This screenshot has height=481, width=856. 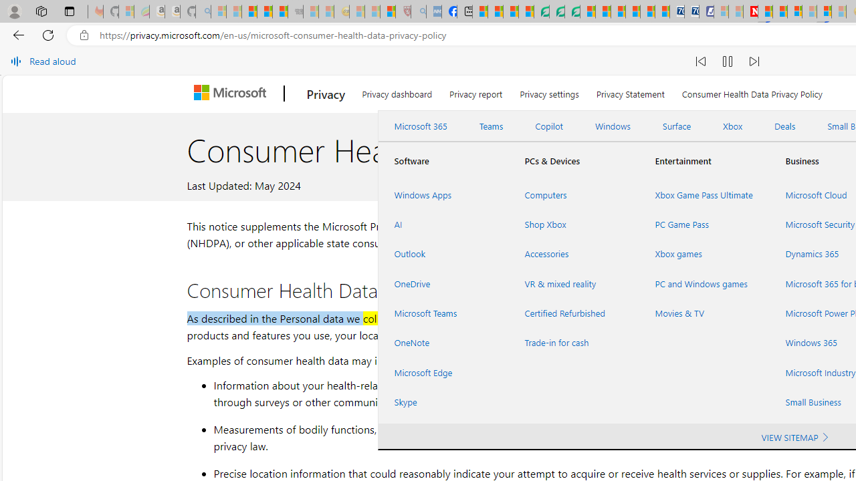 What do you see at coordinates (750, 11) in the screenshot?
I see `'Latest Politics News & Archive | Newsweek.com'` at bounding box center [750, 11].